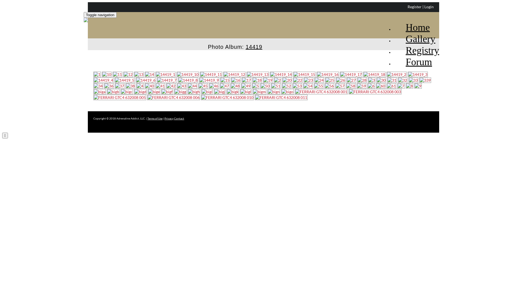 This screenshot has height=296, width=527. What do you see at coordinates (350, 86) in the screenshot?
I see `'58 (click to enlarge)'` at bounding box center [350, 86].